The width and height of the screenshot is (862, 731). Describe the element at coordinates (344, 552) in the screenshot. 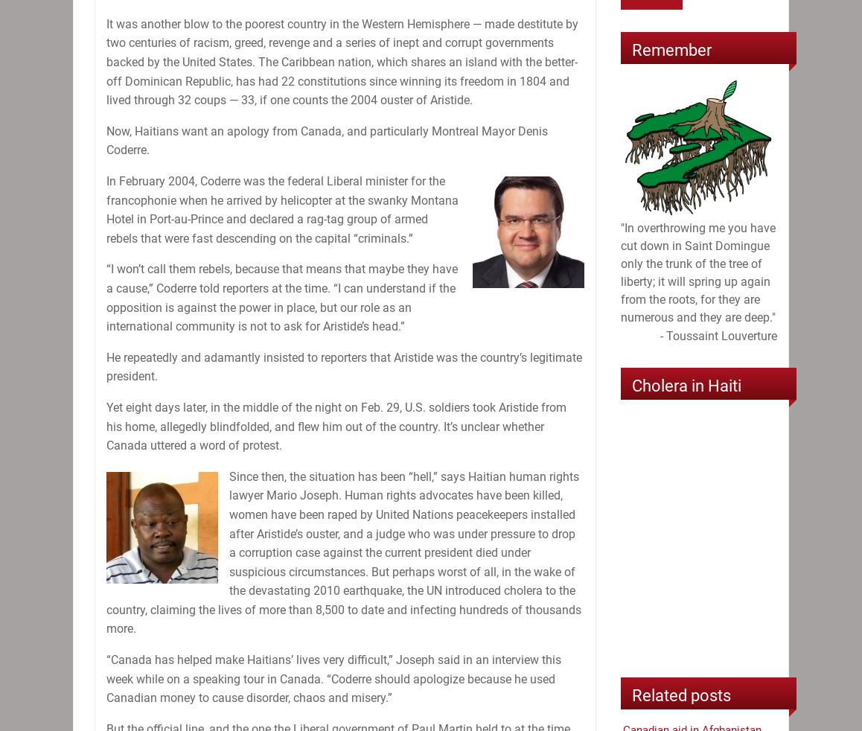

I see `'Since then, the situation has been “hell,” says Haitian human rights lawyer Mario Joseph. Human rights advocates have been killed, women have been raped by United Nations peacekeepers installed after Aristide’s ouster, and a judge who was under pressure to drop a corruption case against the current president died under suspicious circumstances. But perhaps worst of all, in the wake of the devastating 2010 earthquake, the UN introduced cholera to the country, claiming the lives of more than 8,500 to date and infecting hundreds of thousands more.'` at that location.